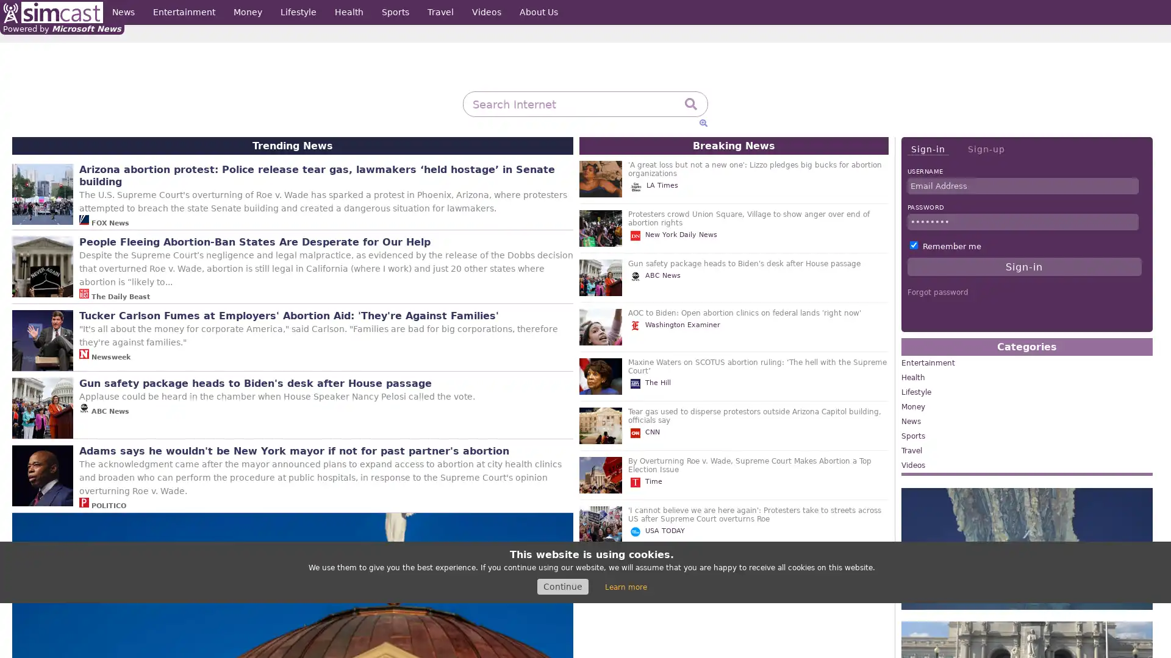 This screenshot has height=658, width=1171. Describe the element at coordinates (927, 149) in the screenshot. I see `Sign-in` at that location.